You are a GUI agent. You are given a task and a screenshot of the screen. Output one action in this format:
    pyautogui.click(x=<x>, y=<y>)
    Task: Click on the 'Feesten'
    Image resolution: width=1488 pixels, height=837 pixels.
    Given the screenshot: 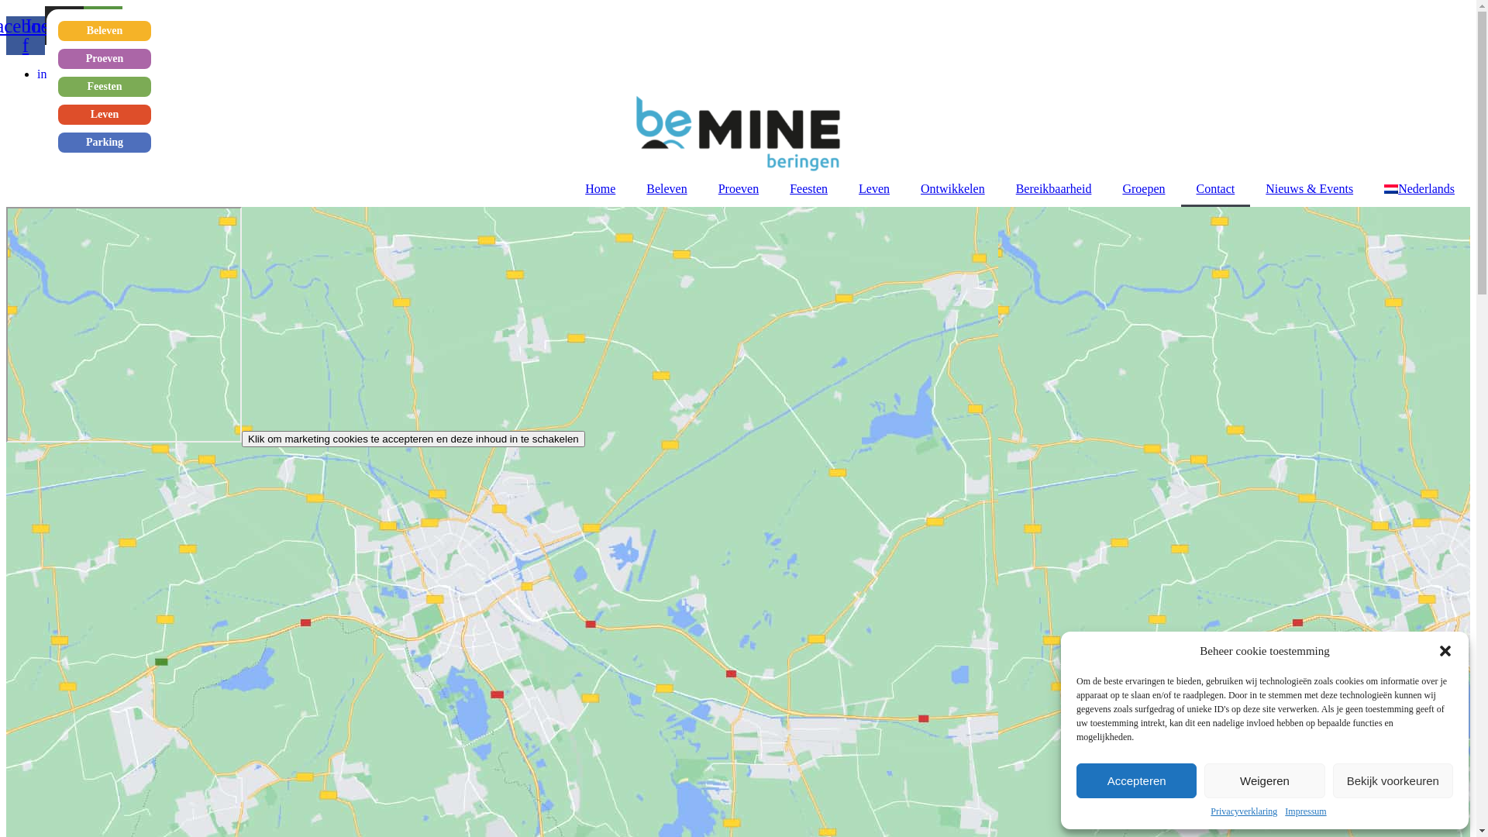 What is the action you would take?
    pyautogui.click(x=773, y=188)
    